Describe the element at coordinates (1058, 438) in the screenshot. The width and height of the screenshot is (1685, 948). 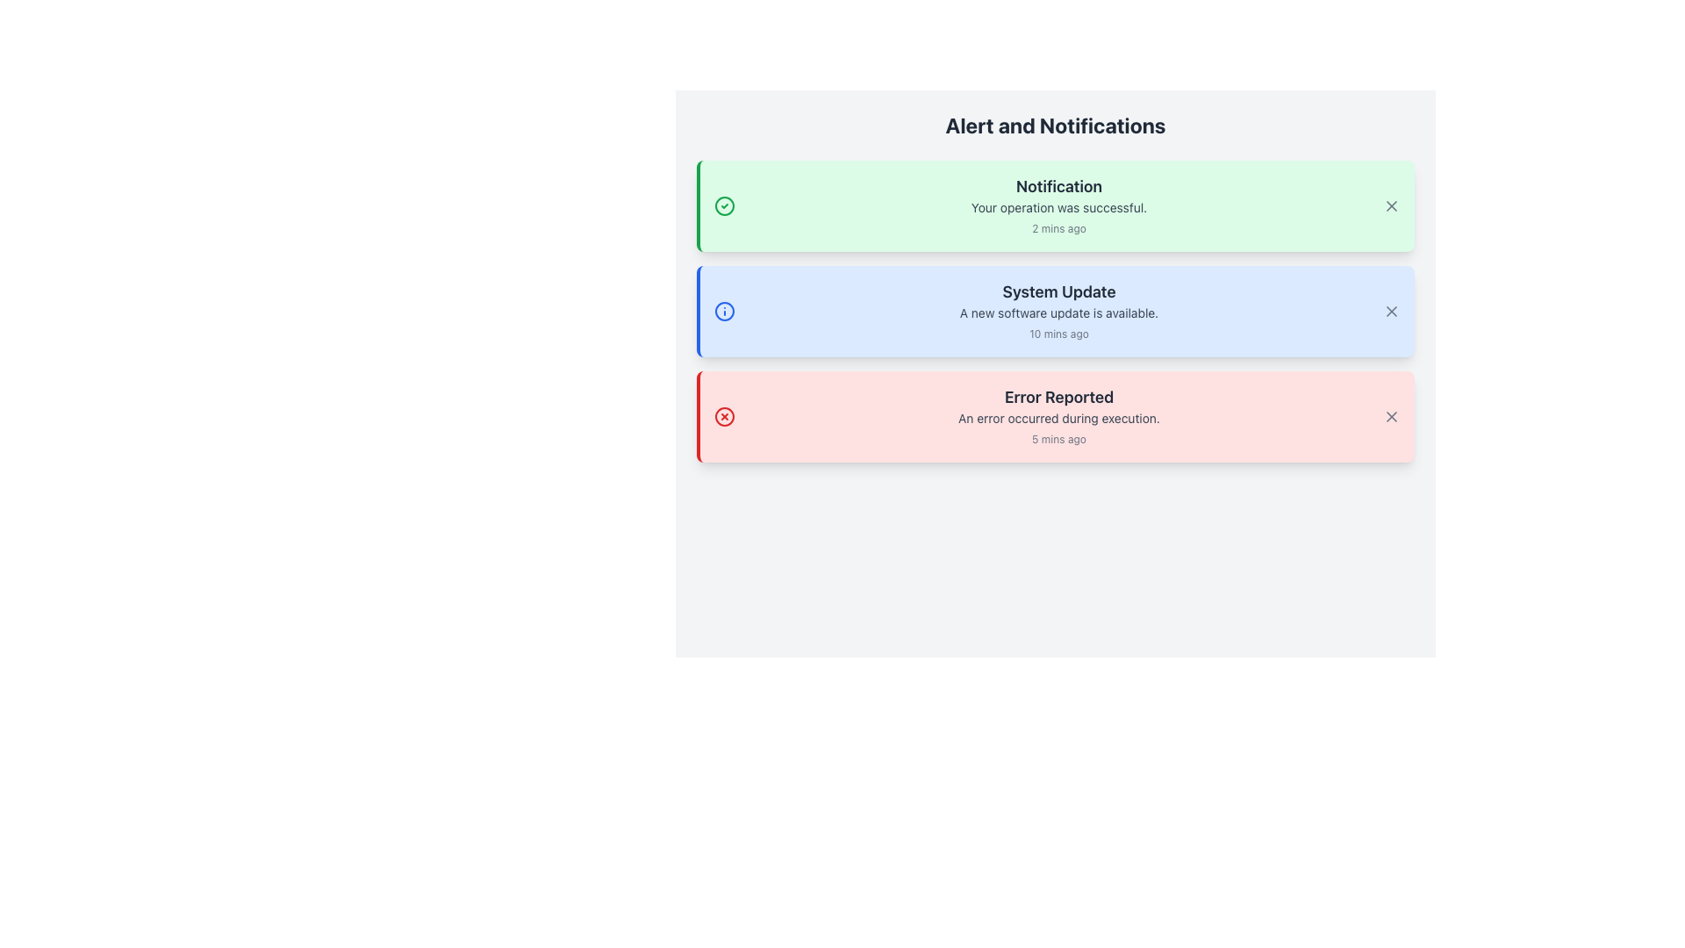
I see `the small light gray text label displaying '5 mins ago' located in the bottom-right corner of the 'Error Reported' notification card under the 'Alert and Notifications' section` at that location.